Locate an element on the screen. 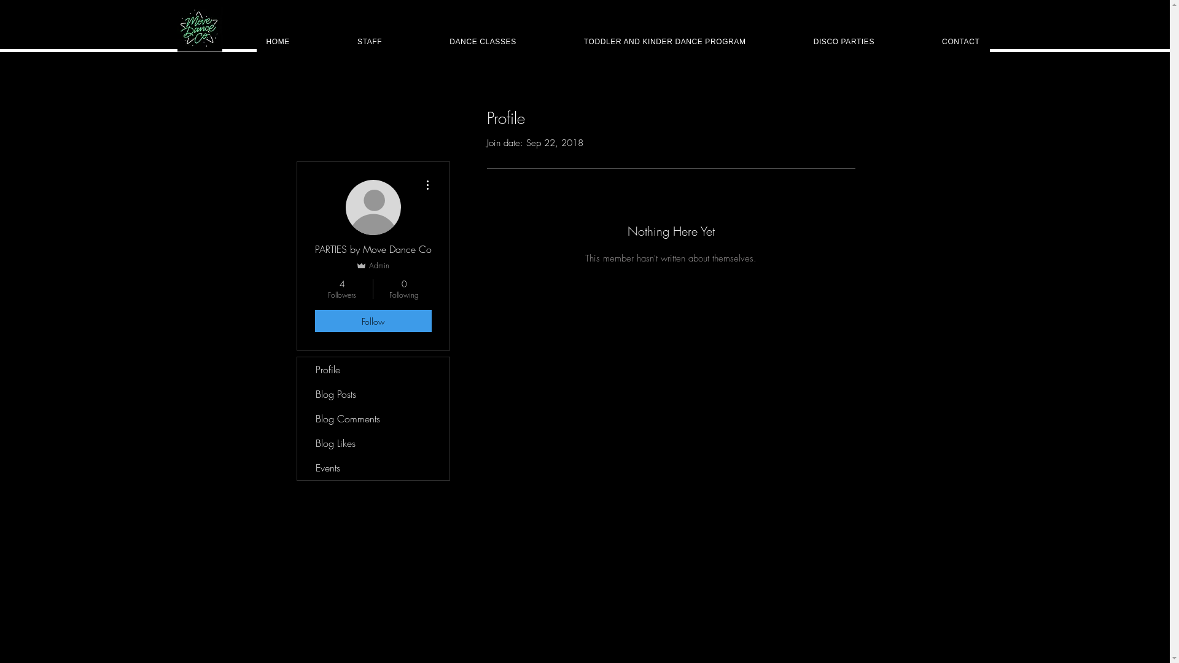  'DISCO PARTIES' is located at coordinates (804, 41).